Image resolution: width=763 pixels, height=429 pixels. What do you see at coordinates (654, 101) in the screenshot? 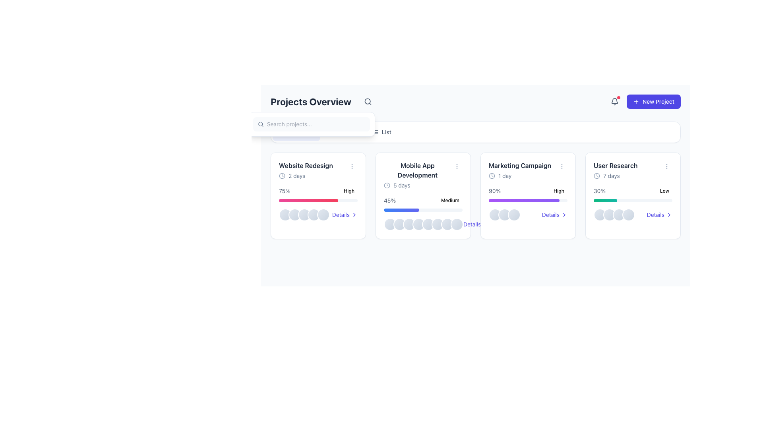
I see `the primary action button located at the top-right of the interface` at bounding box center [654, 101].